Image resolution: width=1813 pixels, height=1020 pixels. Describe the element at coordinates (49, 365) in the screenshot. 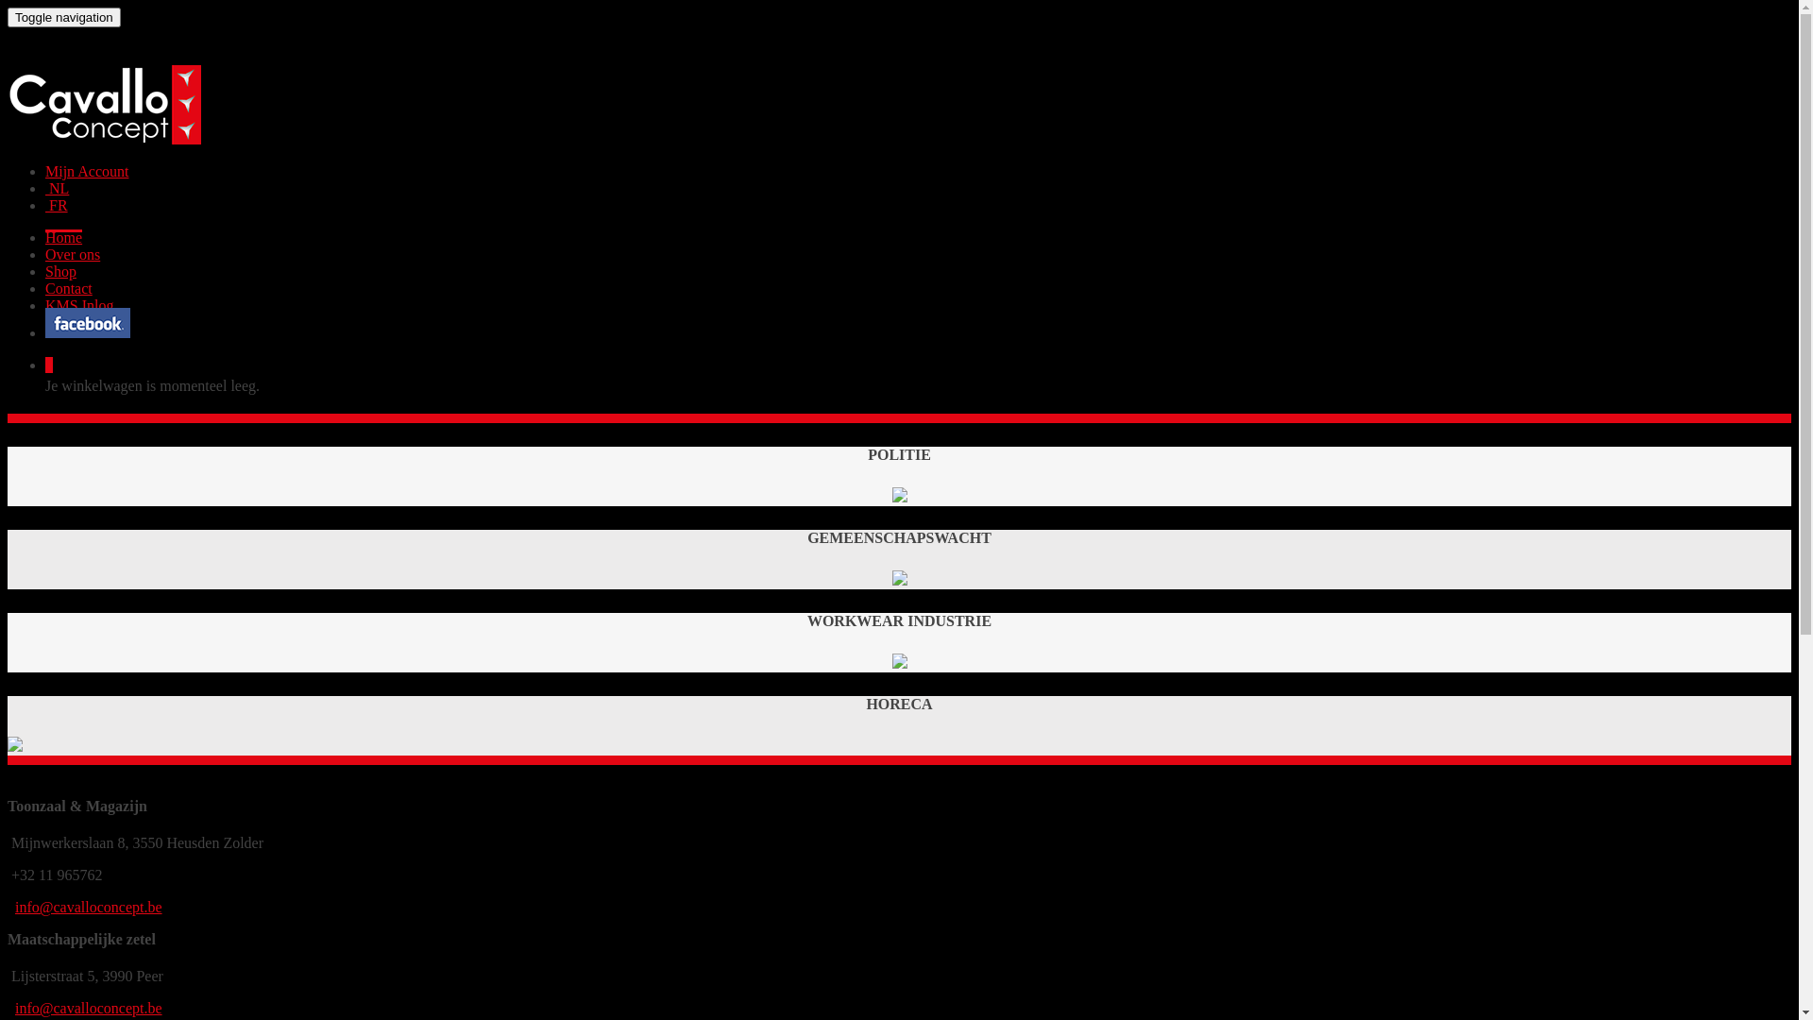

I see `'0'` at that location.